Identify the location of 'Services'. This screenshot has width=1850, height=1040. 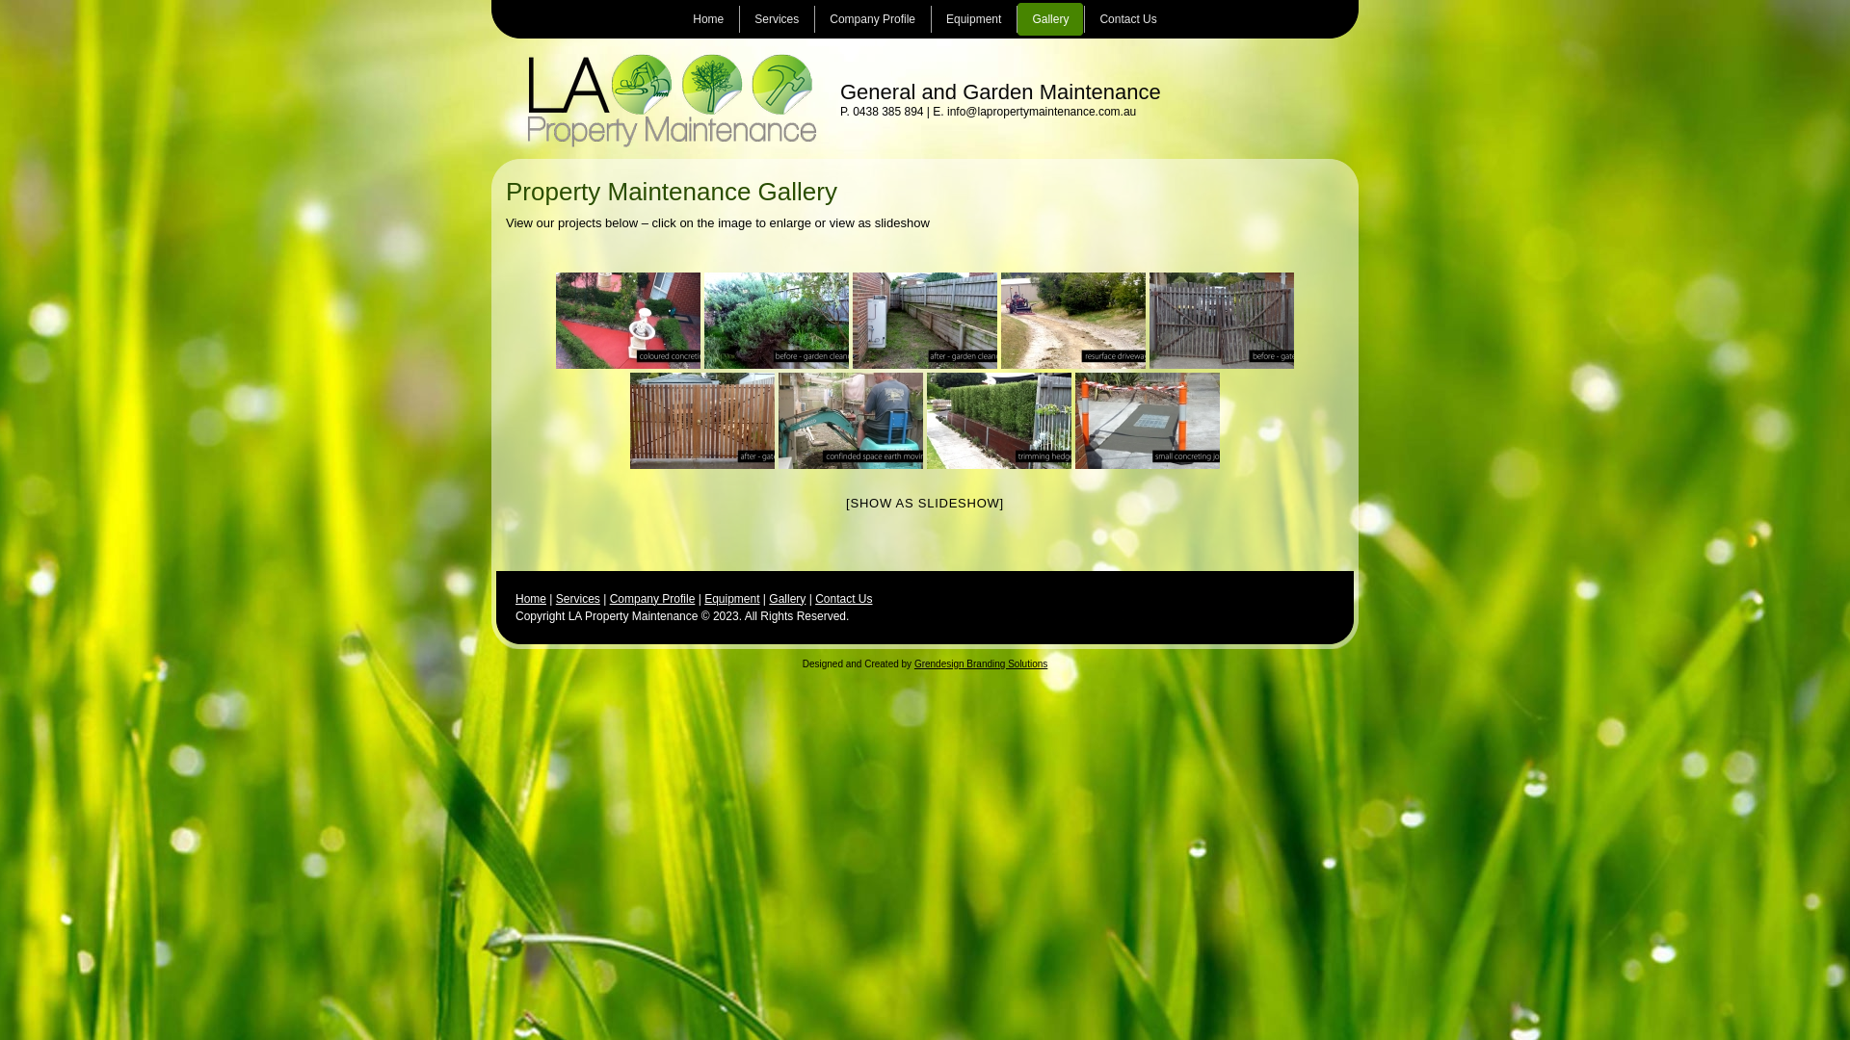
(577, 597).